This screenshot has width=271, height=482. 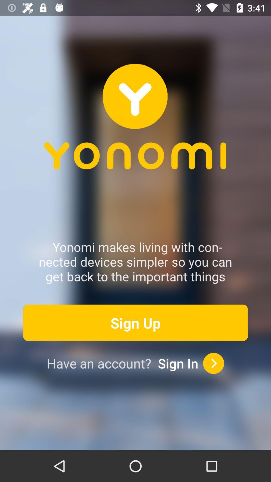 What do you see at coordinates (214, 363) in the screenshot?
I see `sign in` at bounding box center [214, 363].